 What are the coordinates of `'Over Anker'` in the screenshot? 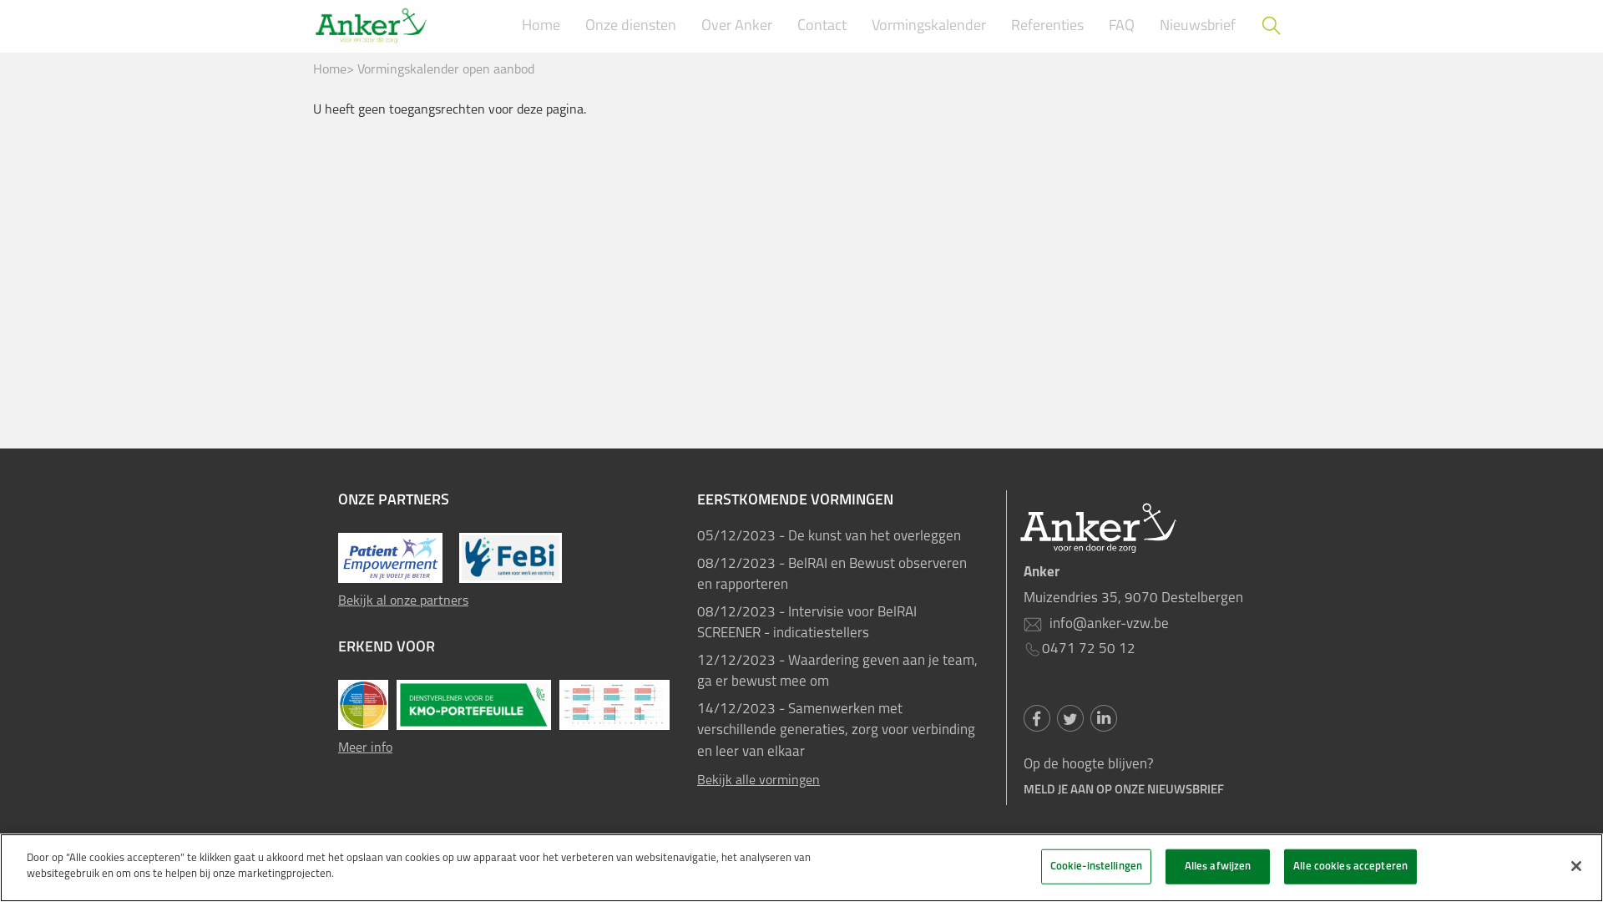 It's located at (736, 26).